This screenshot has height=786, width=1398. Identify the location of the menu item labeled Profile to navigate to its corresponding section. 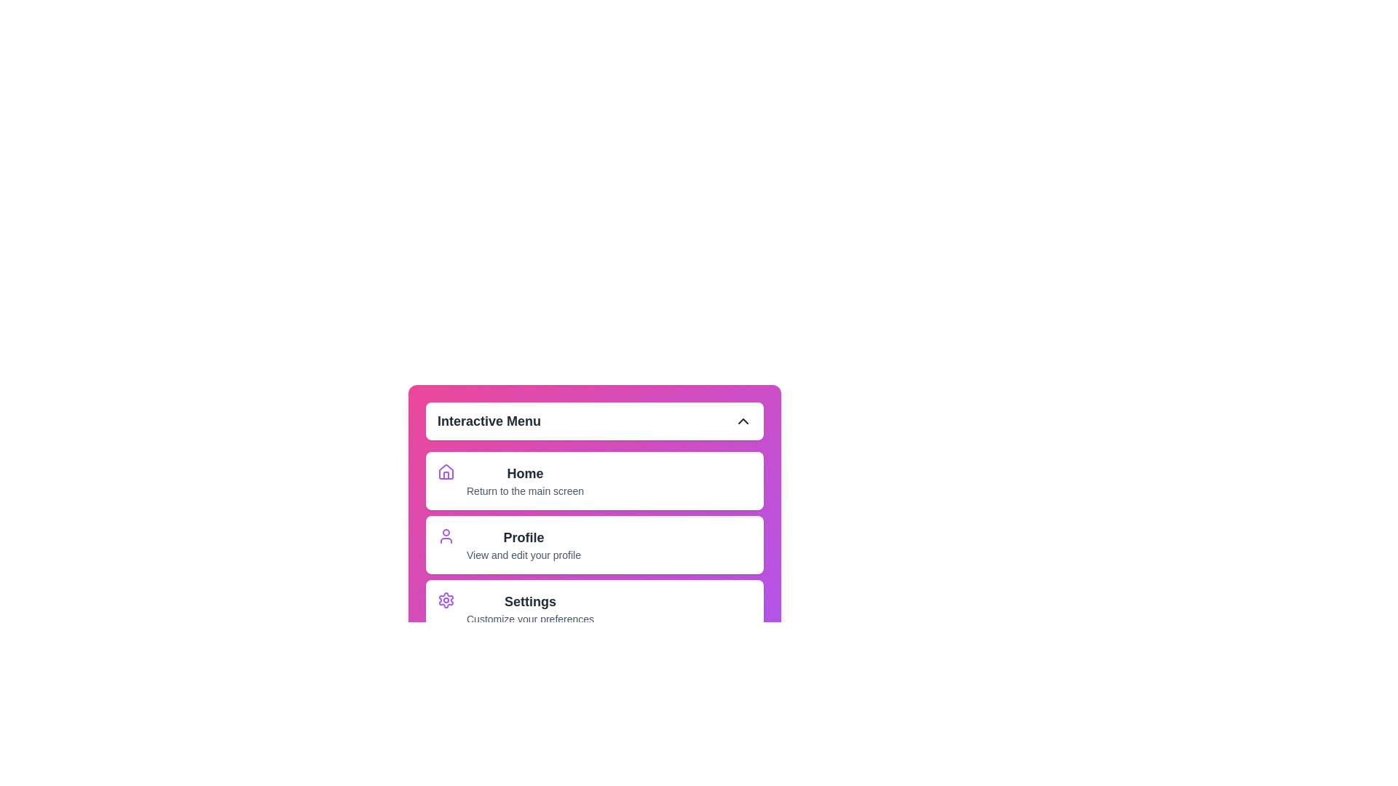
(524, 544).